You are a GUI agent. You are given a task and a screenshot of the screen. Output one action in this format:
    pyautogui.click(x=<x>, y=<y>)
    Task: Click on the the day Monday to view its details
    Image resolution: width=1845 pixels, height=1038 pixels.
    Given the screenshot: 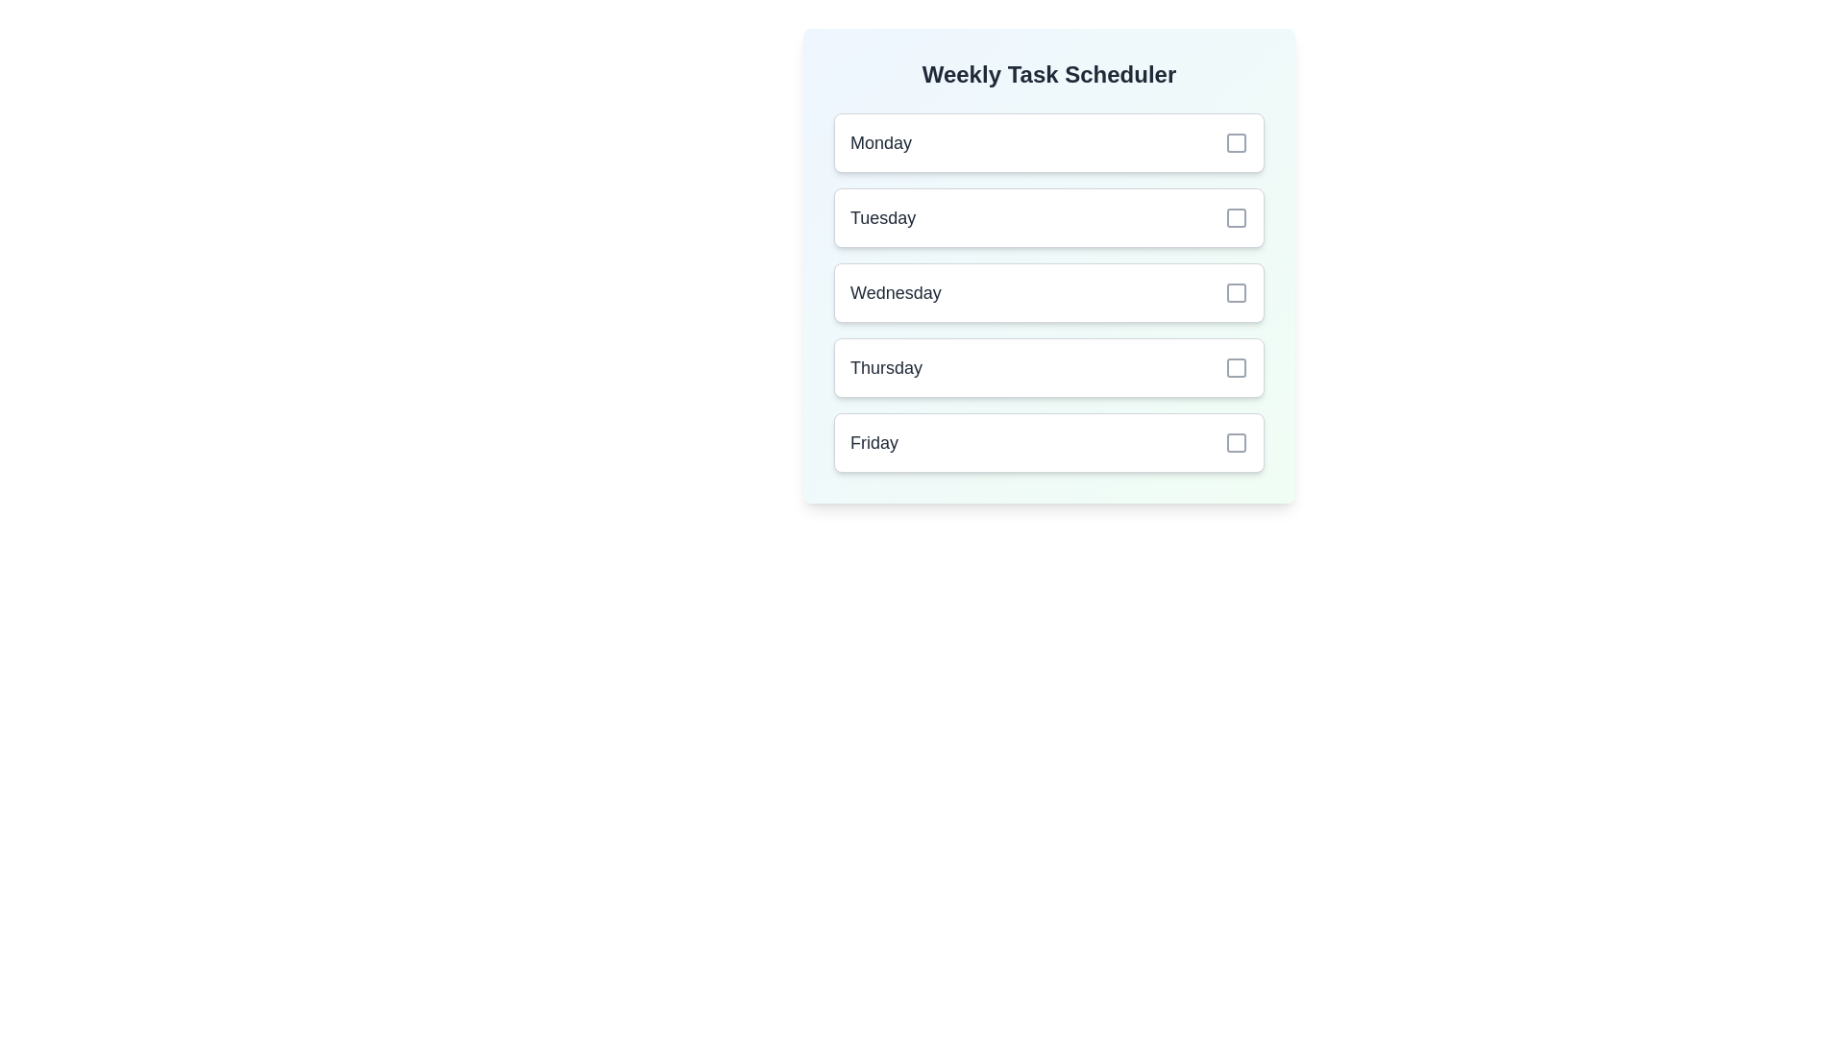 What is the action you would take?
    pyautogui.click(x=1047, y=142)
    